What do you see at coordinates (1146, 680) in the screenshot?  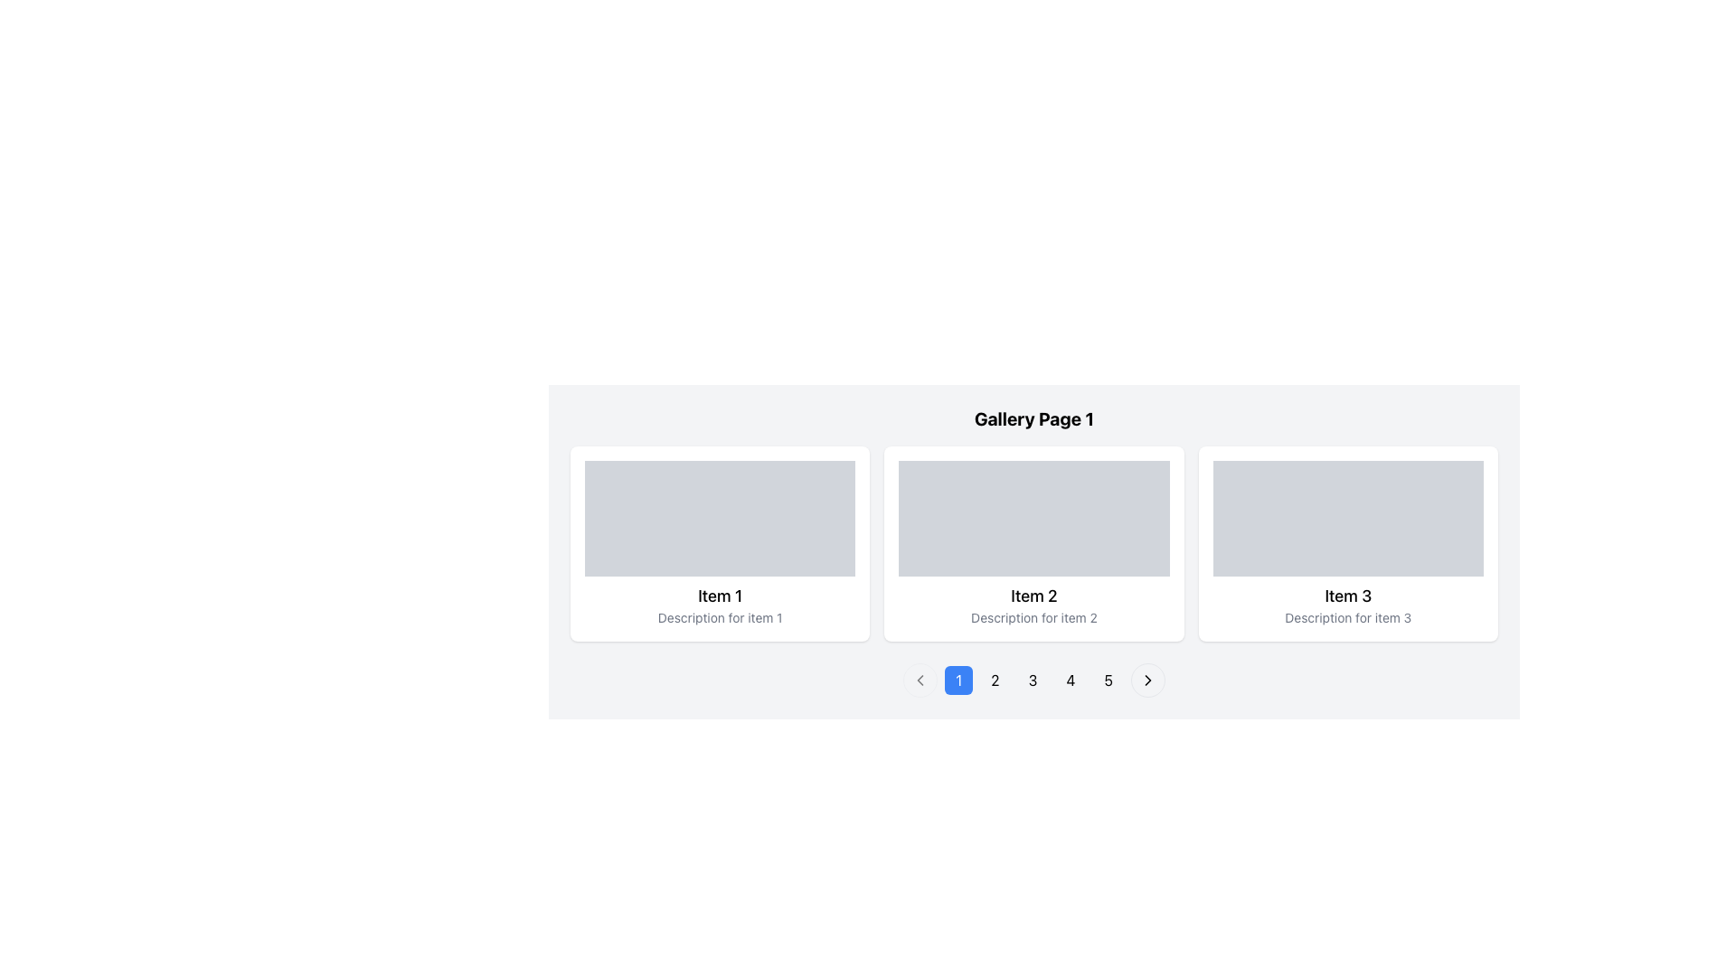 I see `the circular button with a right-pointing chevron icon at the far-right end of the pagination controls` at bounding box center [1146, 680].